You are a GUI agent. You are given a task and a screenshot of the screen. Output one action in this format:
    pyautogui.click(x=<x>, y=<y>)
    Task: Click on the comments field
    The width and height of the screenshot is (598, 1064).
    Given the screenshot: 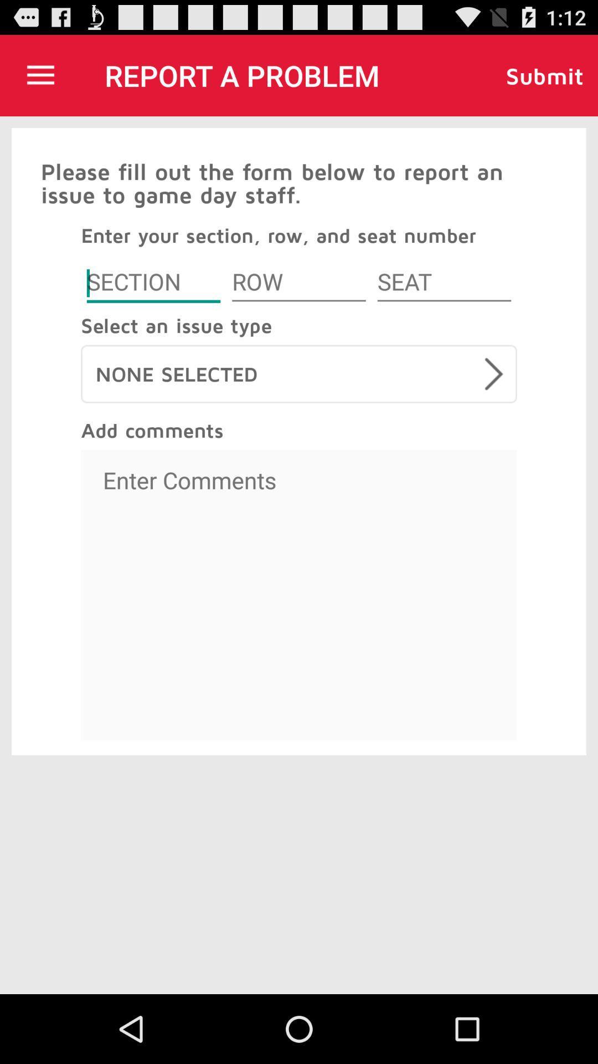 What is the action you would take?
    pyautogui.click(x=299, y=595)
    